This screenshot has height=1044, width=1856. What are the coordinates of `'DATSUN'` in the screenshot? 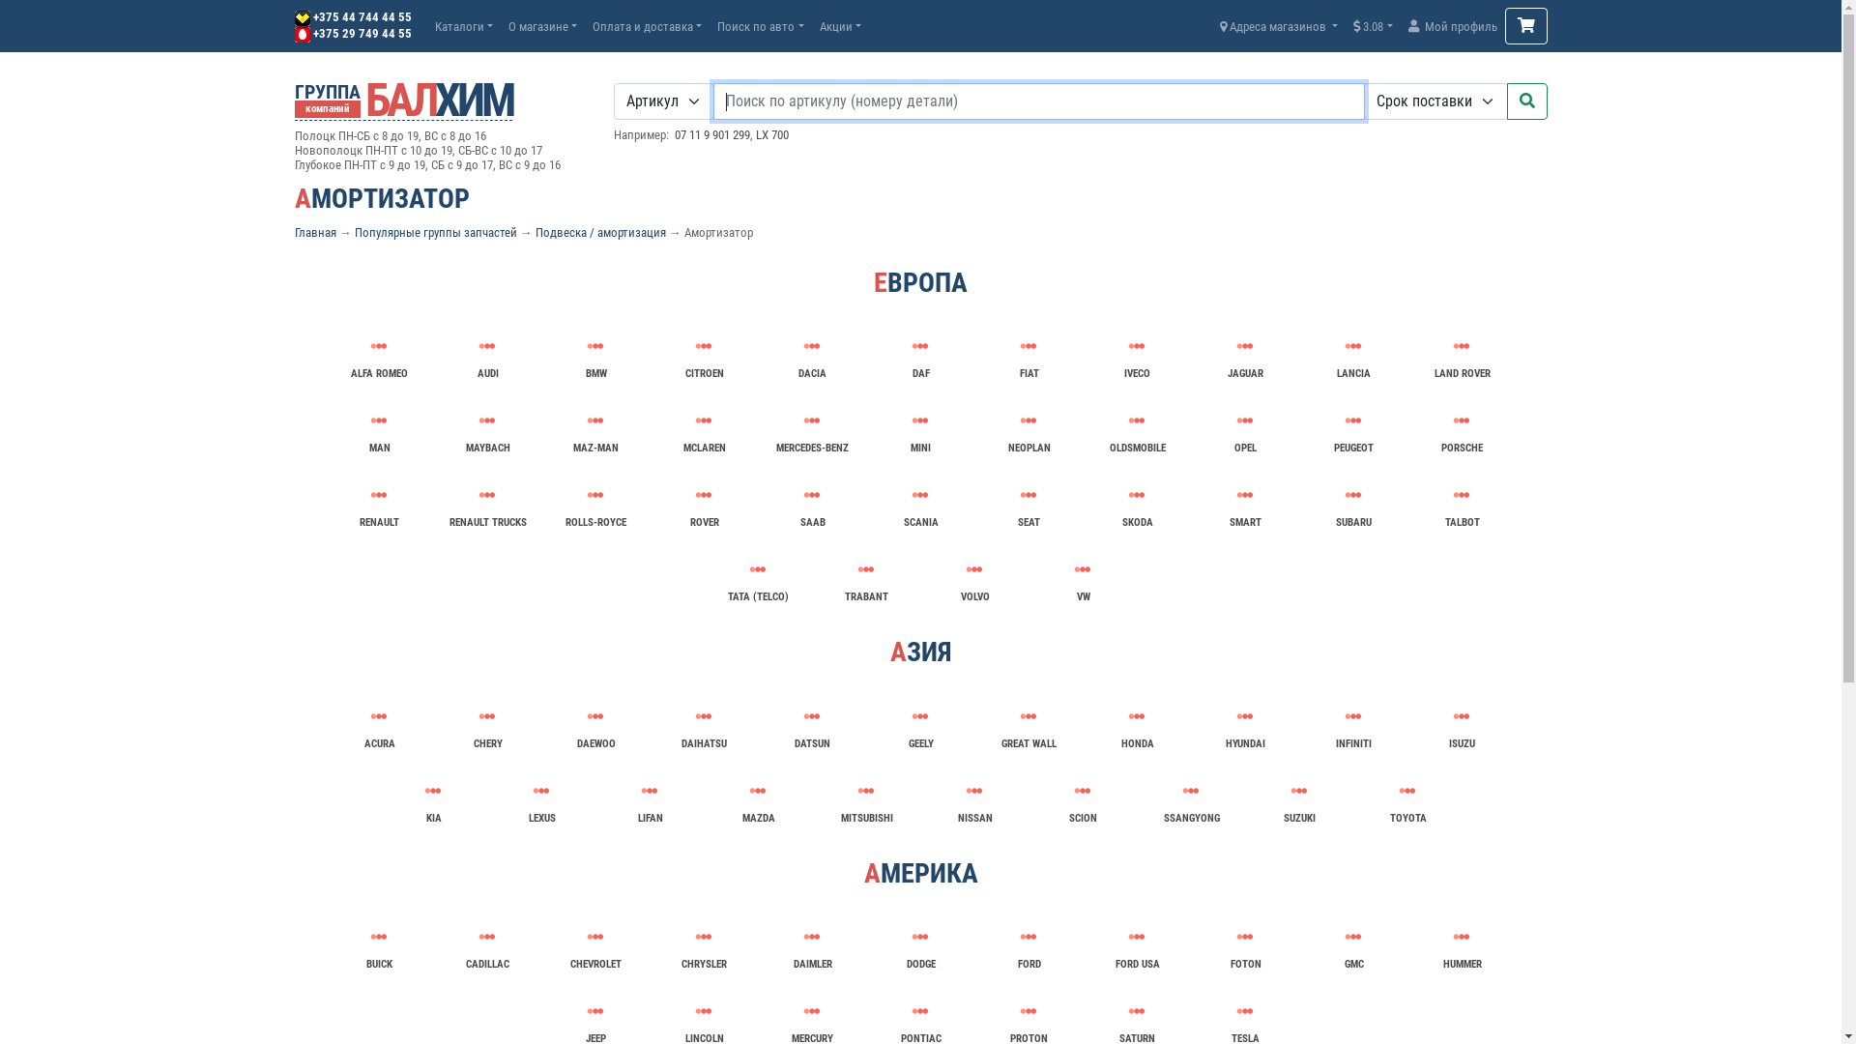 It's located at (812, 715).